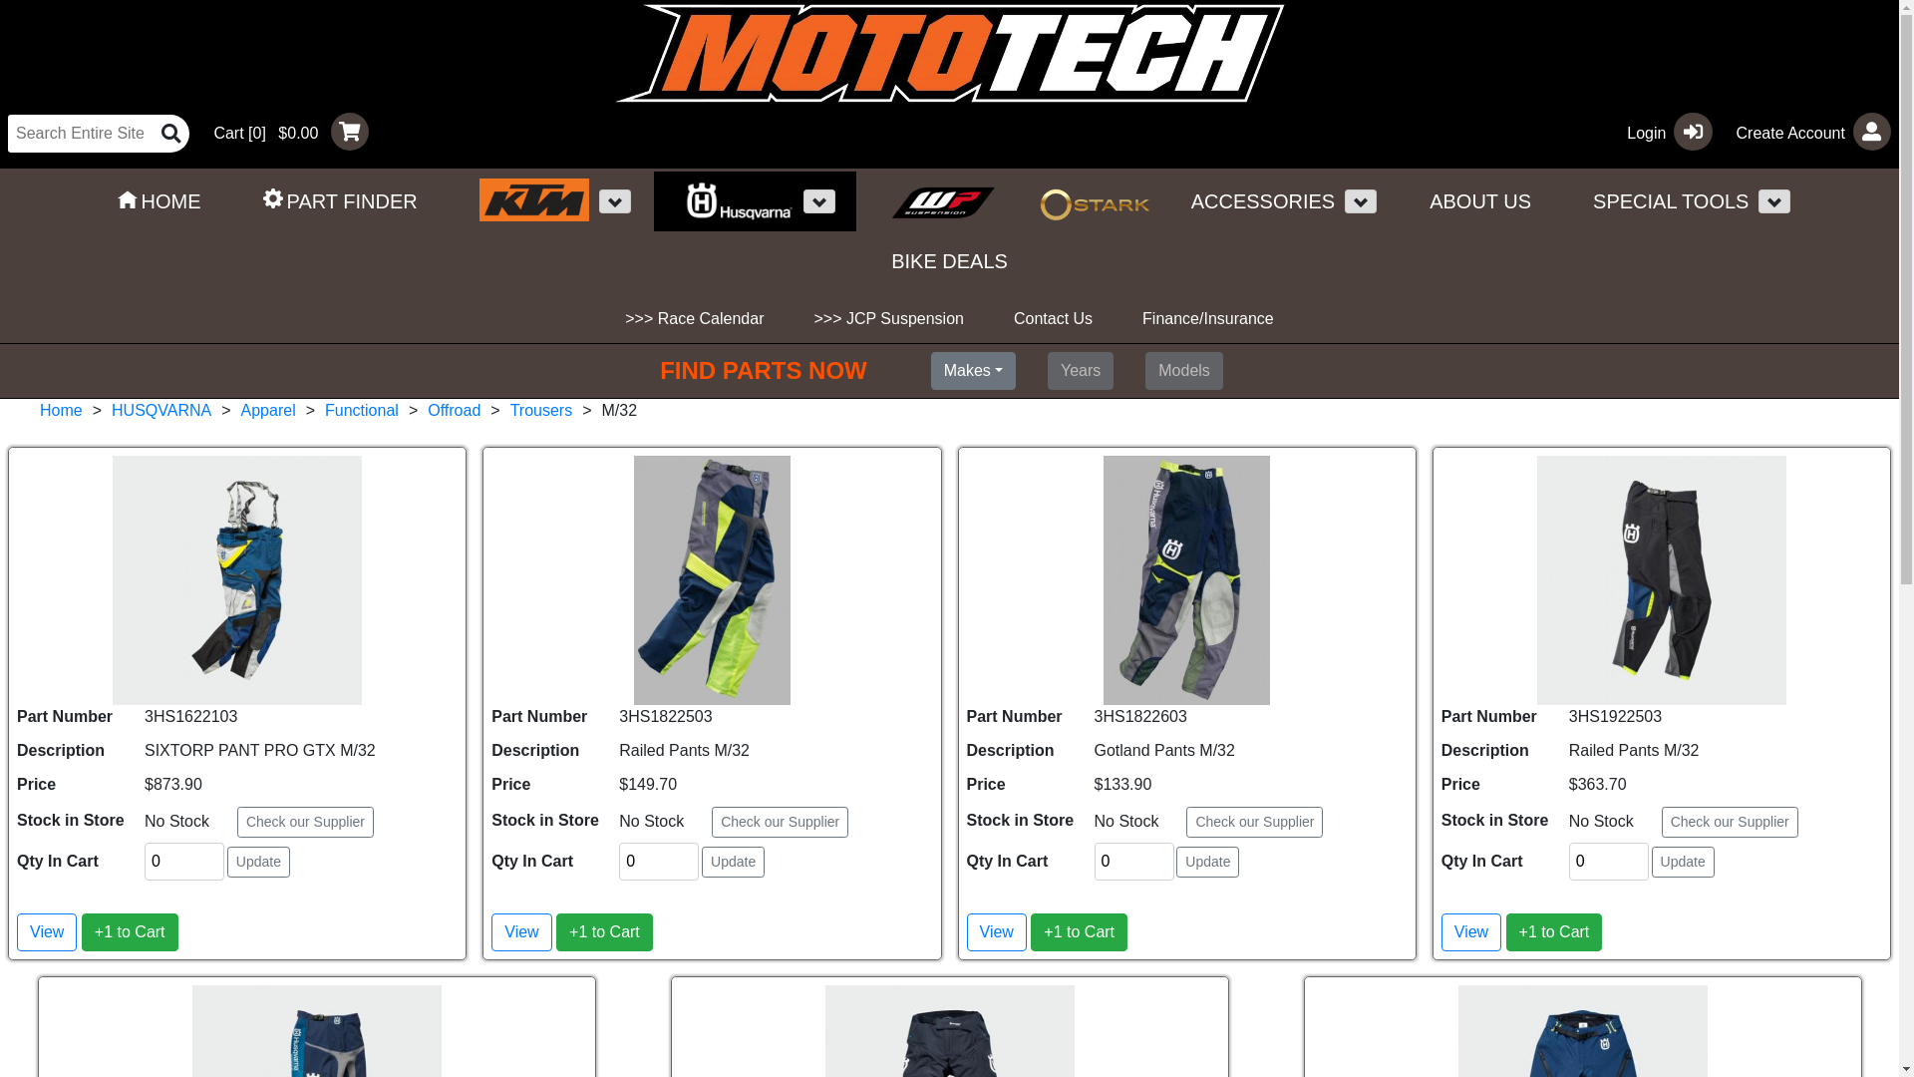  Describe the element at coordinates (340, 200) in the screenshot. I see `'PART FINDER'` at that location.